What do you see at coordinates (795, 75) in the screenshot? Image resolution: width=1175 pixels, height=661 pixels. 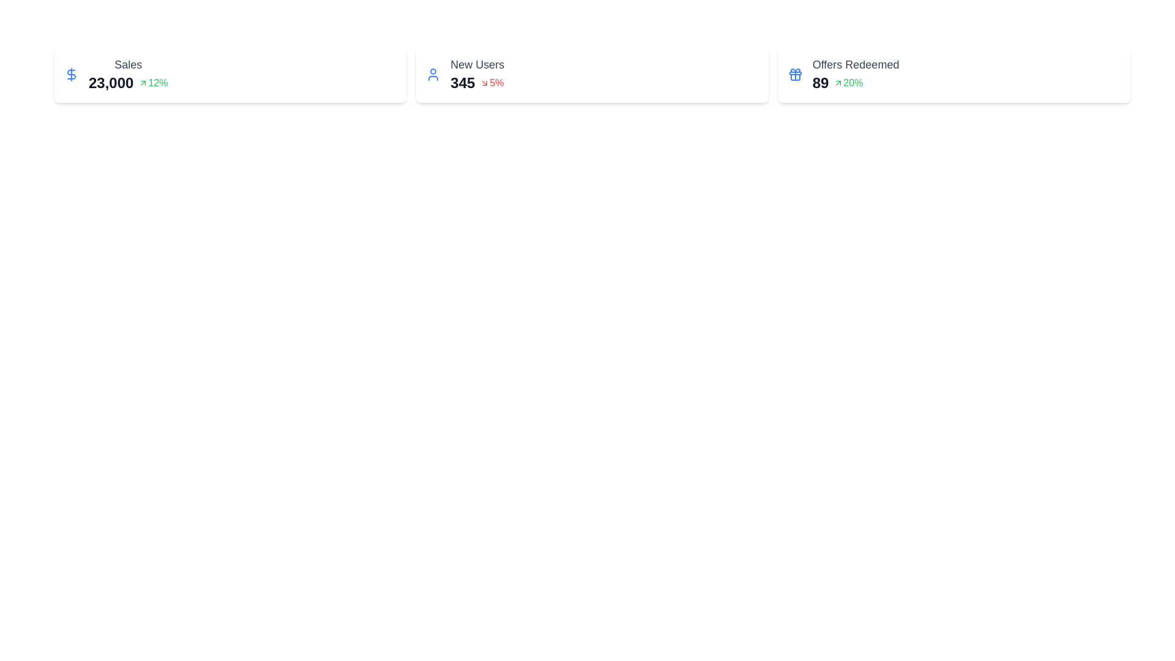 I see `the blue gift box icon located at the top-left corner of the 'Offers Redeemed' card, which is next to the title text 'Offers Redeemed'` at bounding box center [795, 75].